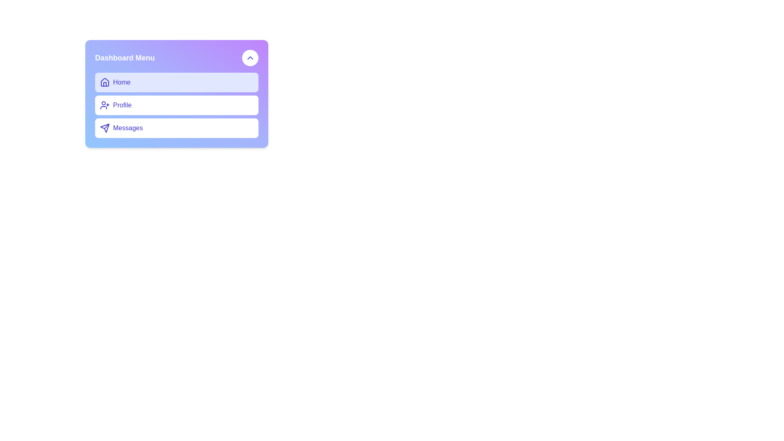 Image resolution: width=784 pixels, height=441 pixels. What do you see at coordinates (176, 82) in the screenshot?
I see `the 'Home' button in the 'Dashboard Menu', which is the first item in the vertical list of menu options` at bounding box center [176, 82].